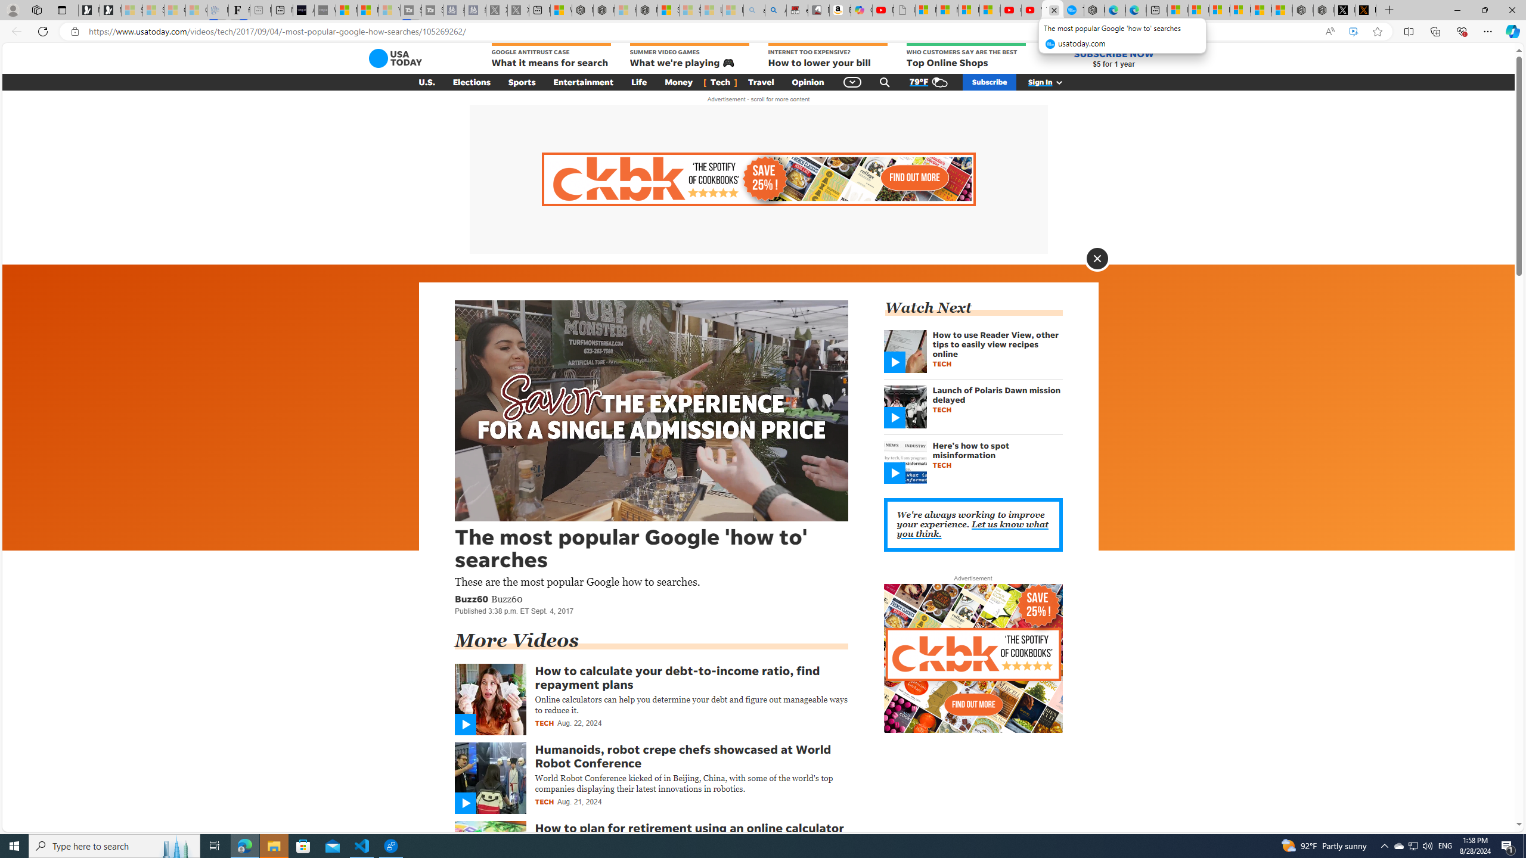  Describe the element at coordinates (1010, 10) in the screenshot. I see `'Gloom - YouTube'` at that location.